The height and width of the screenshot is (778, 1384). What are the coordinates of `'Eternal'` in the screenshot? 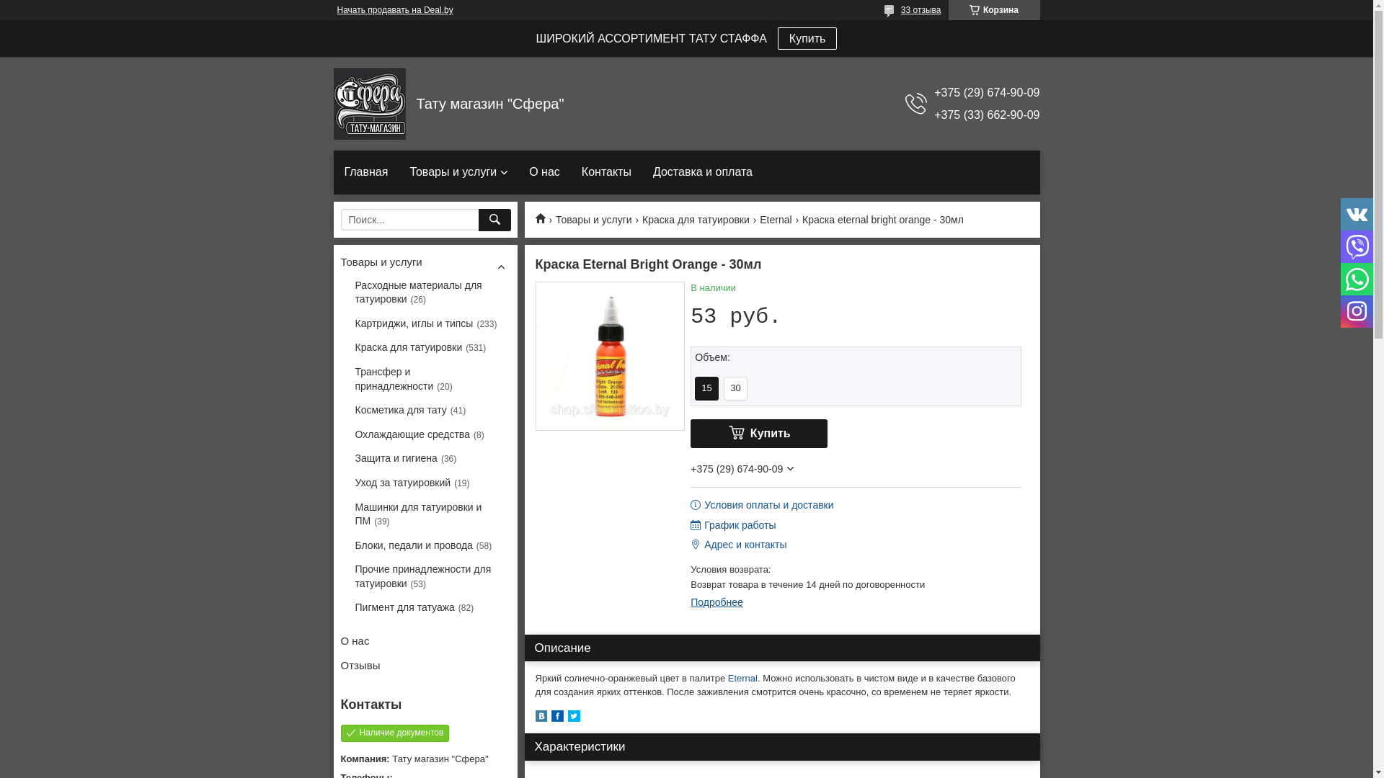 It's located at (774, 220).